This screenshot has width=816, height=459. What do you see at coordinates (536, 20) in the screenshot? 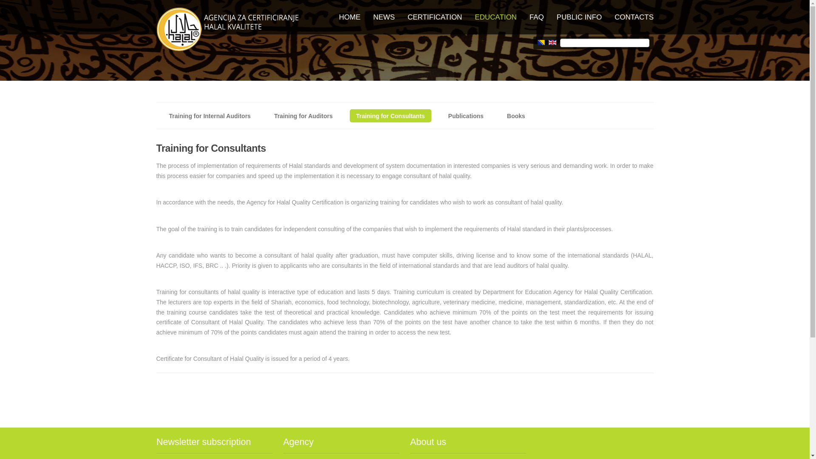
I see `'FAQ'` at bounding box center [536, 20].